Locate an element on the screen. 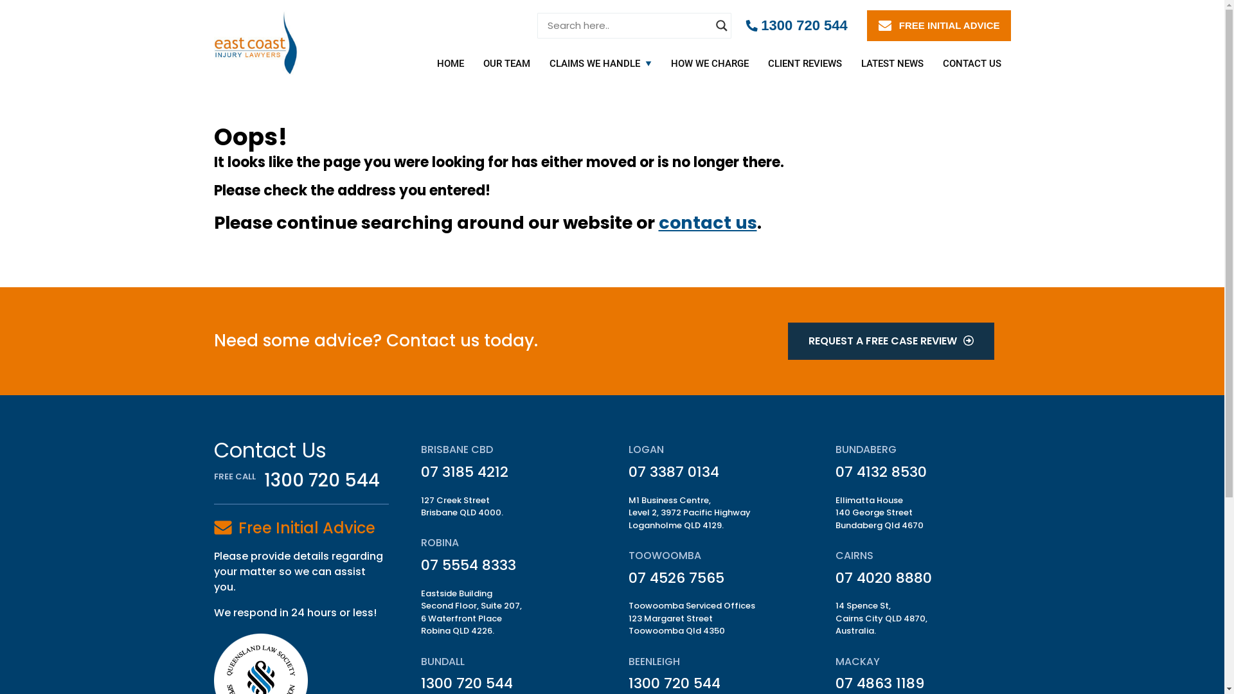  '07 3185 4212' is located at coordinates (464, 472).